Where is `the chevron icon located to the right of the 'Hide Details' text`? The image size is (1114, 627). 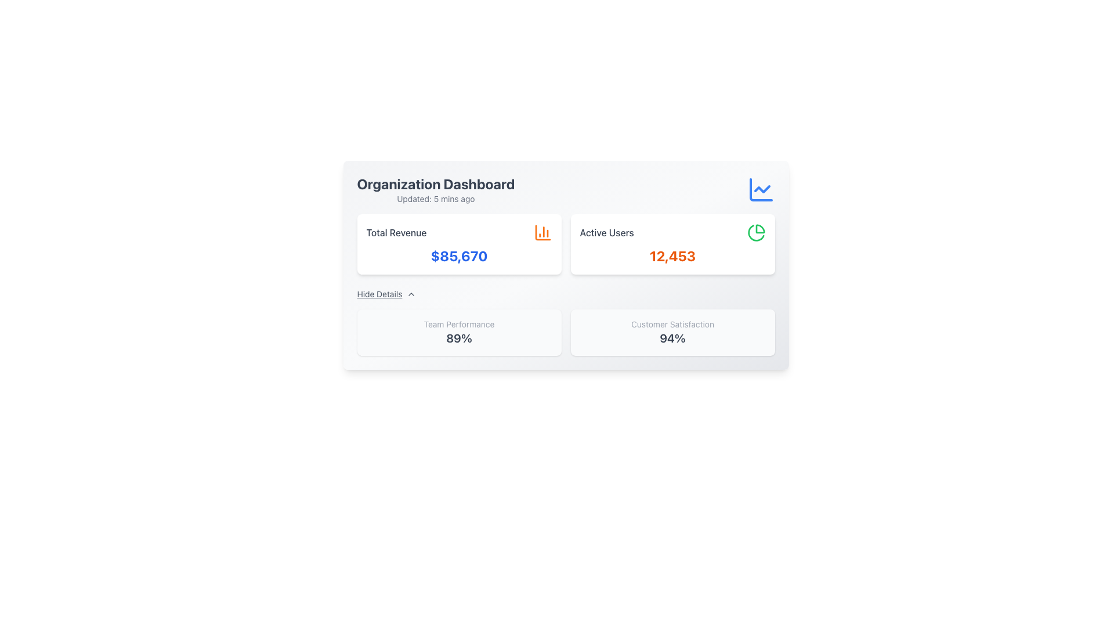 the chevron icon located to the right of the 'Hide Details' text is located at coordinates (411, 293).